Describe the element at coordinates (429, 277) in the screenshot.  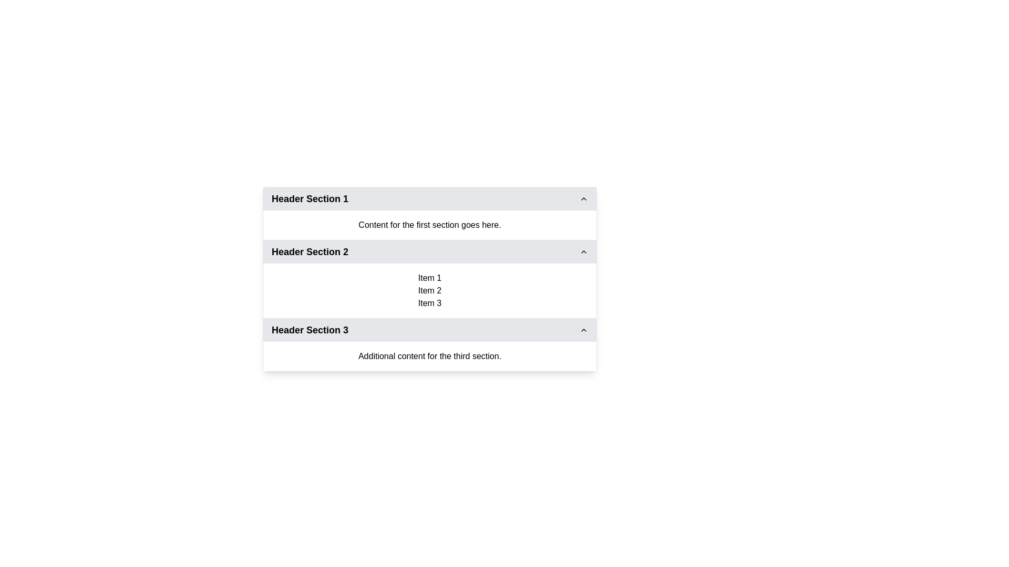
I see `the non-interactive text label that indicates a specific sub-item or category under 'Header Section 2', positioned directly below the section header` at that location.